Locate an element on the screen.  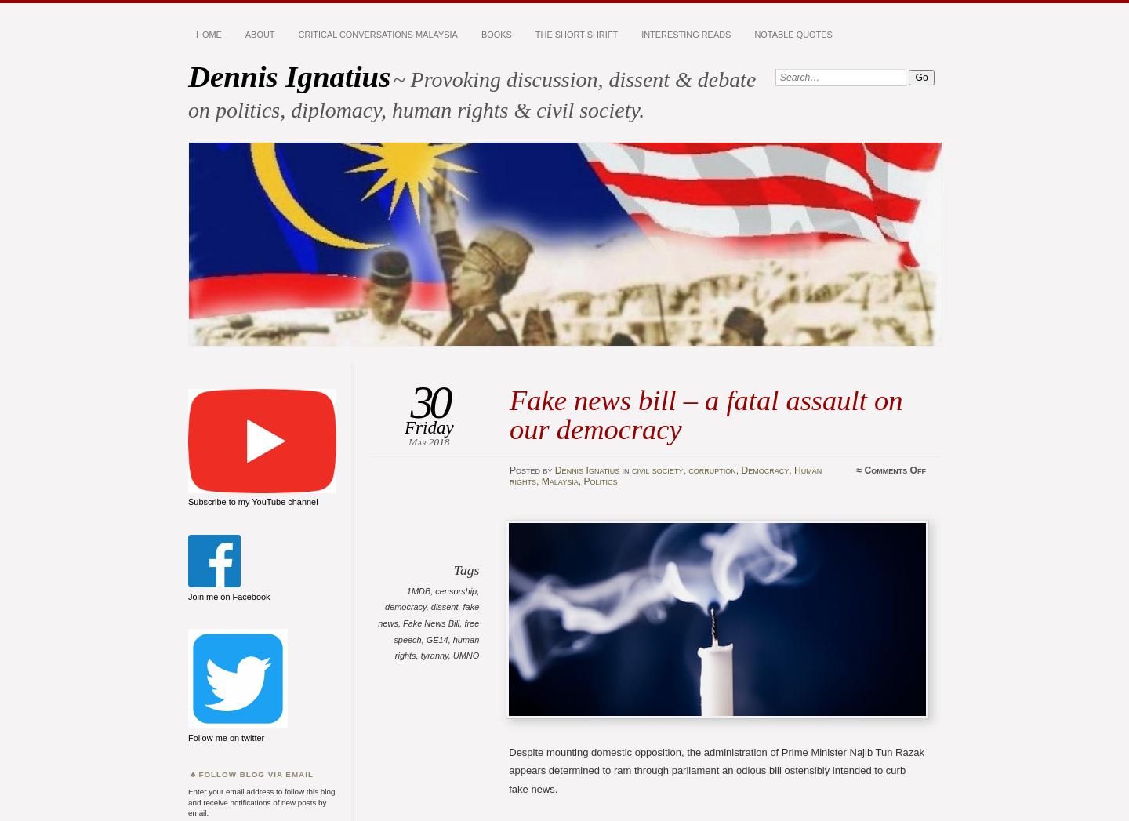
'Democracy' is located at coordinates (764, 470).